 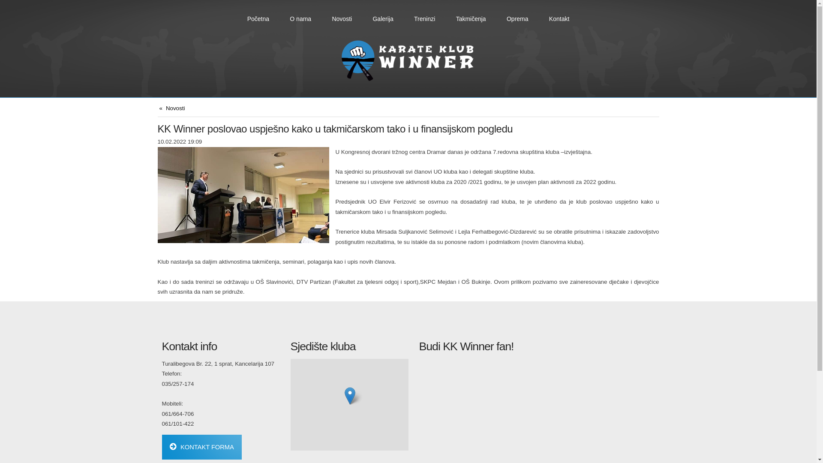 I want to click on 'O nama', so click(x=282, y=19).